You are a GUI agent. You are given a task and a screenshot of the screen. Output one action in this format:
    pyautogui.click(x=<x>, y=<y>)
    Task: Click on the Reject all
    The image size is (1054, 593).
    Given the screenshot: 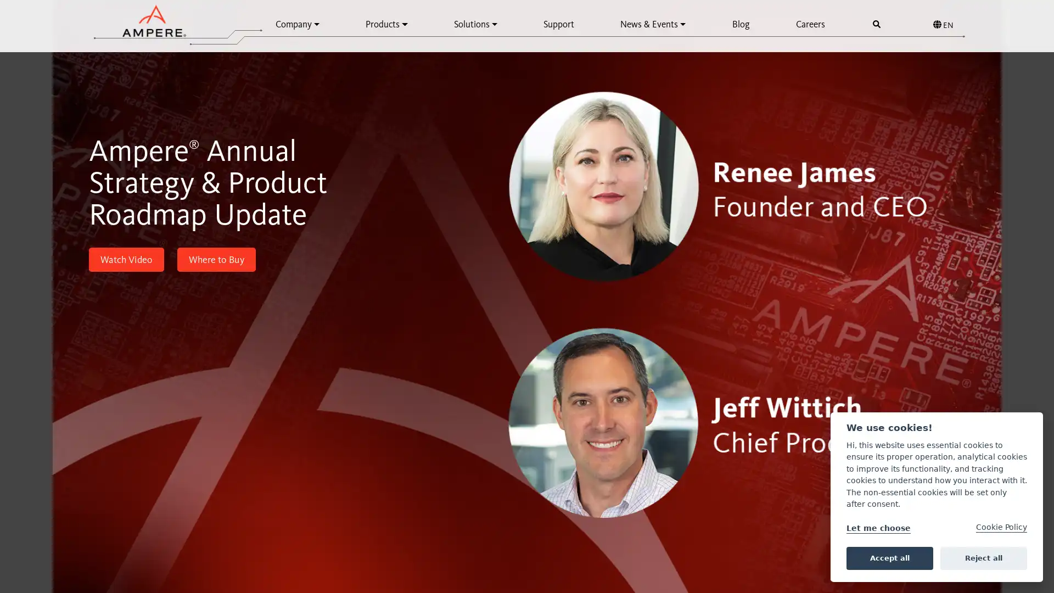 What is the action you would take?
    pyautogui.click(x=983, y=557)
    